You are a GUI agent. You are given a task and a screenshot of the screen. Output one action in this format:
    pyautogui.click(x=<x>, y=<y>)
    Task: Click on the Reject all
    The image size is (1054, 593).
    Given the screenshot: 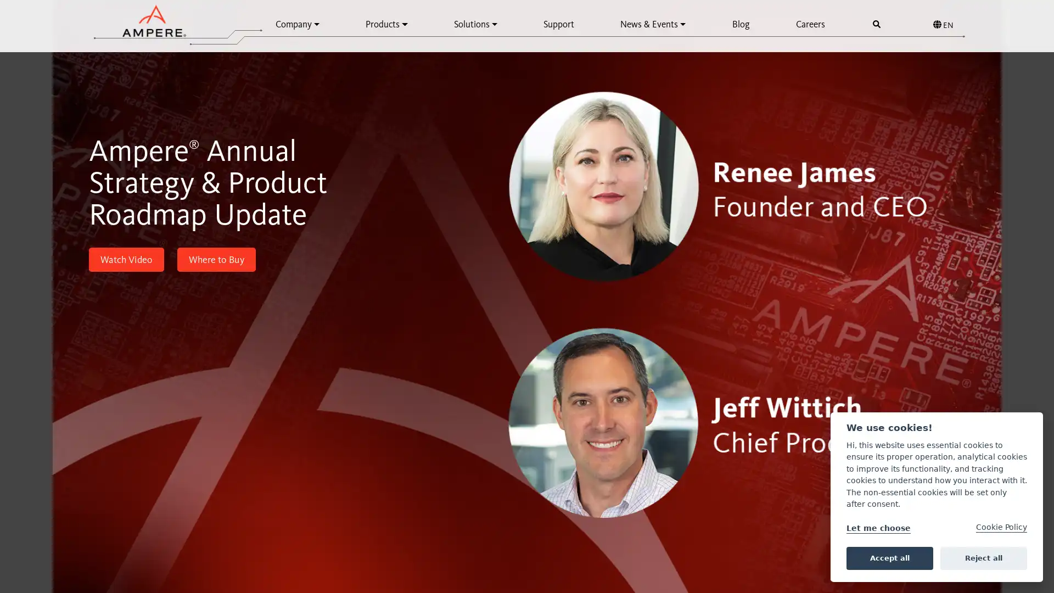 What is the action you would take?
    pyautogui.click(x=983, y=557)
    